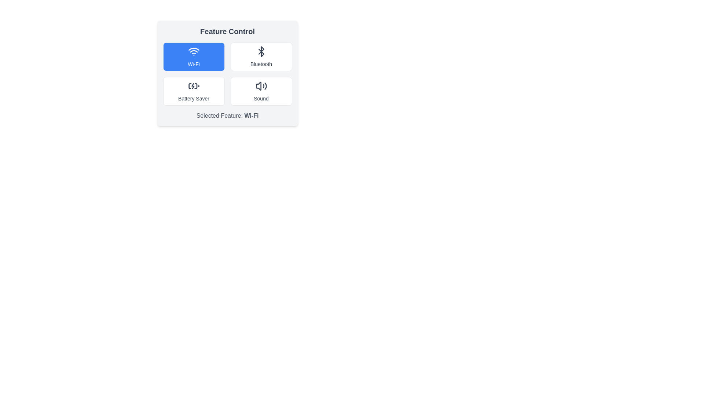 This screenshot has height=396, width=704. What do you see at coordinates (194, 56) in the screenshot?
I see `the feature Wi-Fi by clicking on its corresponding button` at bounding box center [194, 56].